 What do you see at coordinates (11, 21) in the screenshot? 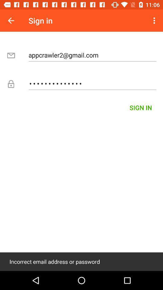
I see `icon to the left of the sign in item` at bounding box center [11, 21].